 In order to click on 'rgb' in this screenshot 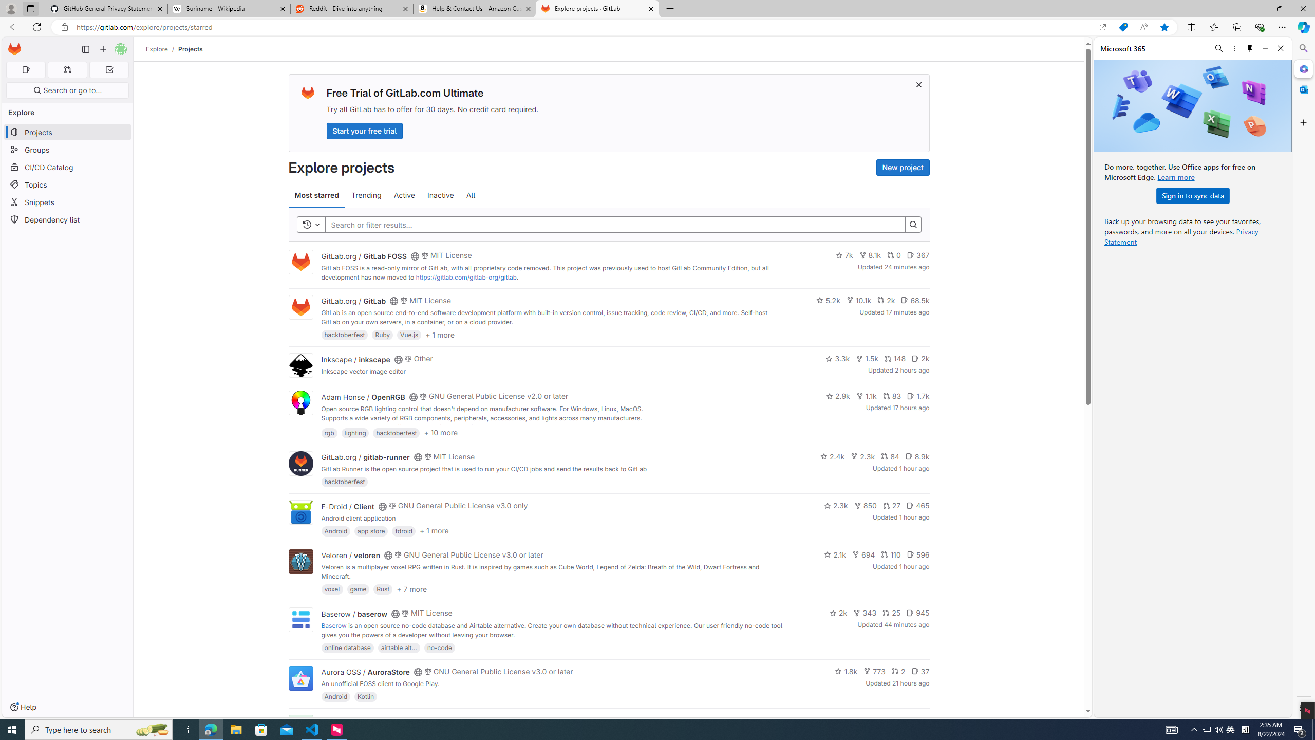, I will do `click(329, 432)`.